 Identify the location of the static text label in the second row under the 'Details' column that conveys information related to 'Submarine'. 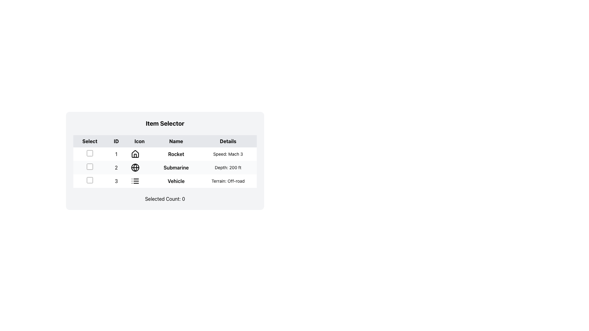
(228, 168).